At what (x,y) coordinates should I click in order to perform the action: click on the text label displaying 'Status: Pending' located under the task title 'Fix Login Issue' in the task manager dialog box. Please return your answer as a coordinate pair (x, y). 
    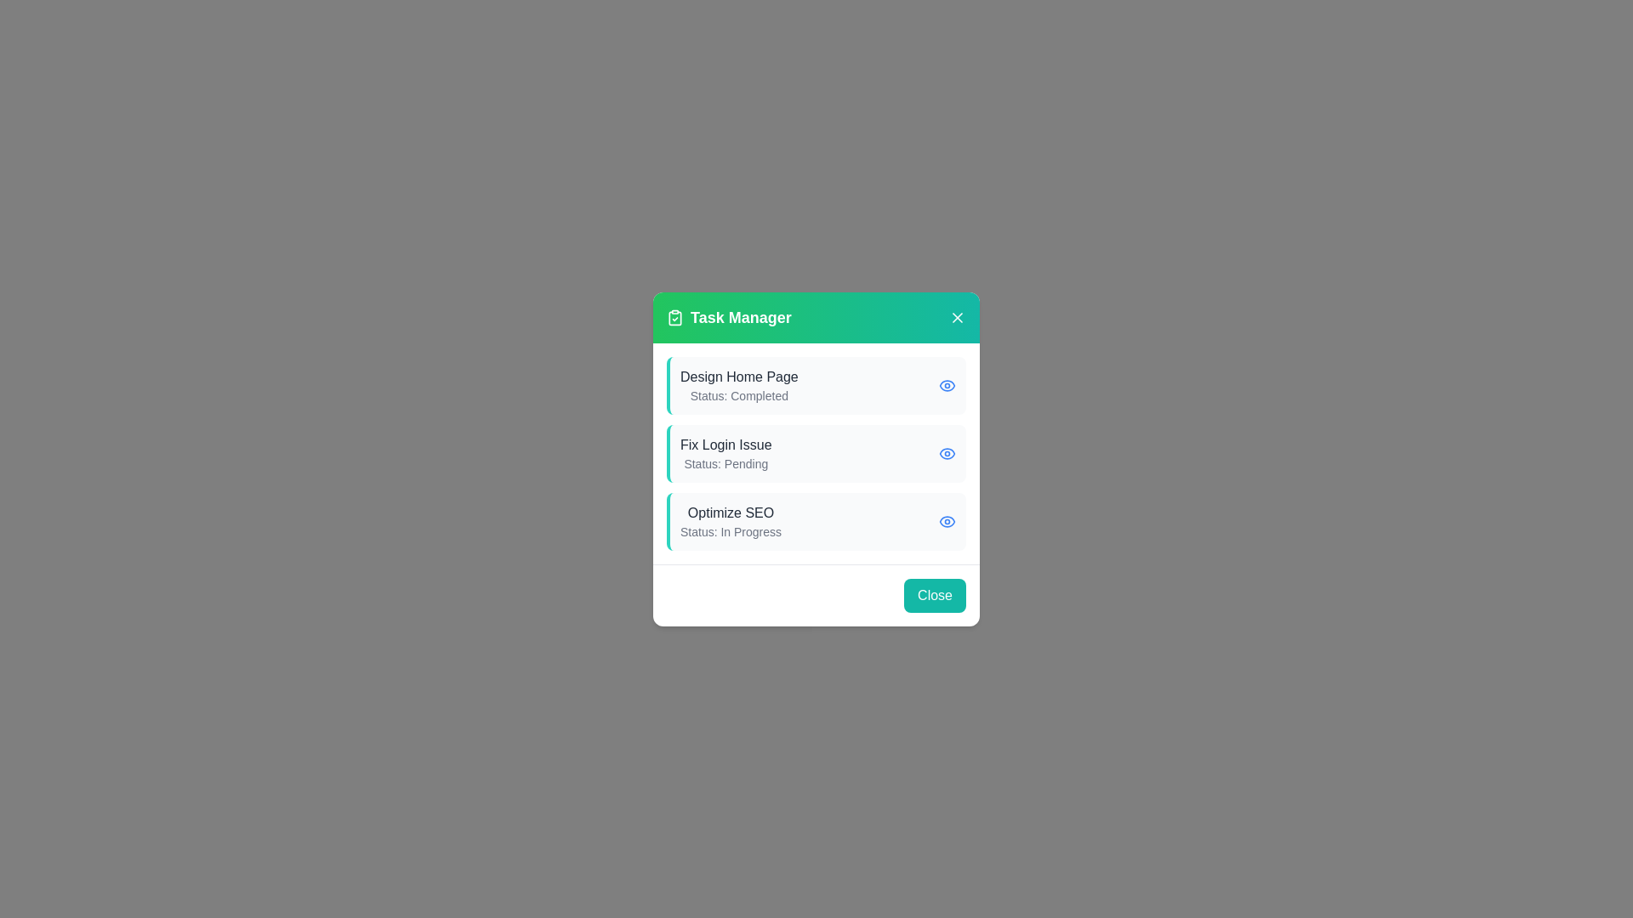
    Looking at the image, I should click on (725, 463).